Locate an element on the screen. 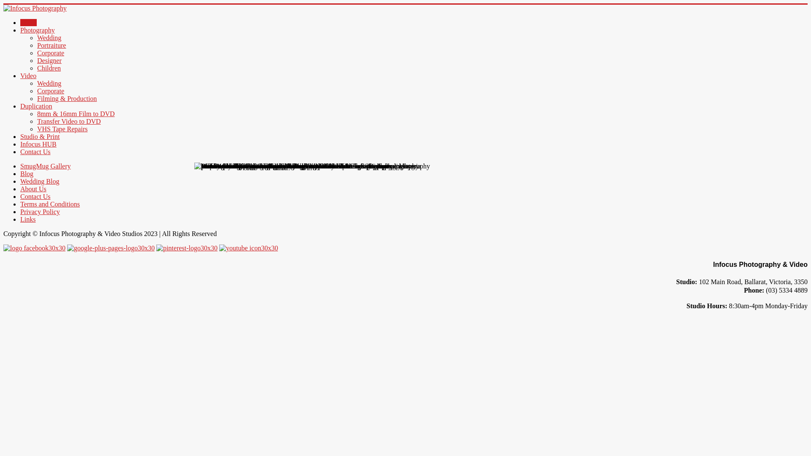 Image resolution: width=811 pixels, height=456 pixels. 'Filming & Production' is located at coordinates (66, 98).